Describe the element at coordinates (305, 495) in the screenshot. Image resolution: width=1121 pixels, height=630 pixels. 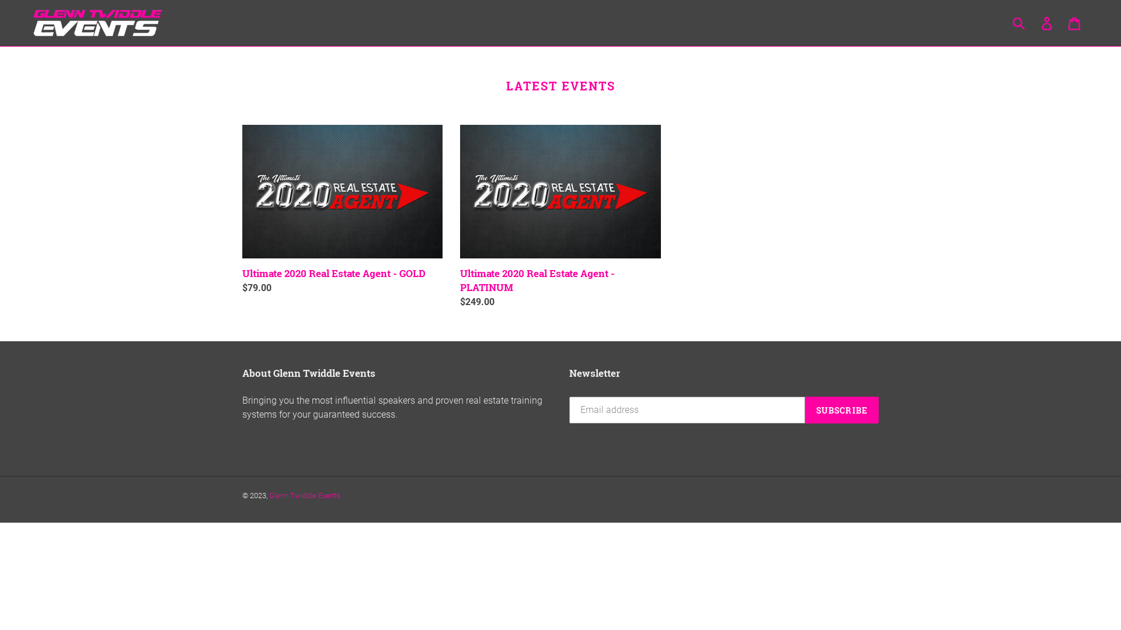
I see `'Glenn Twiddle Events'` at that location.